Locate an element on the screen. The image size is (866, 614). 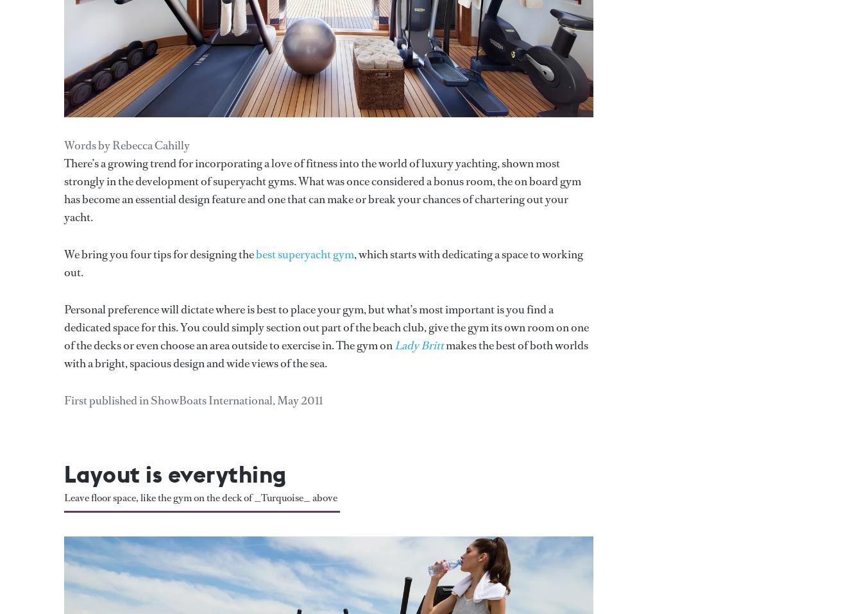
'Layout is everything' is located at coordinates (174, 474).